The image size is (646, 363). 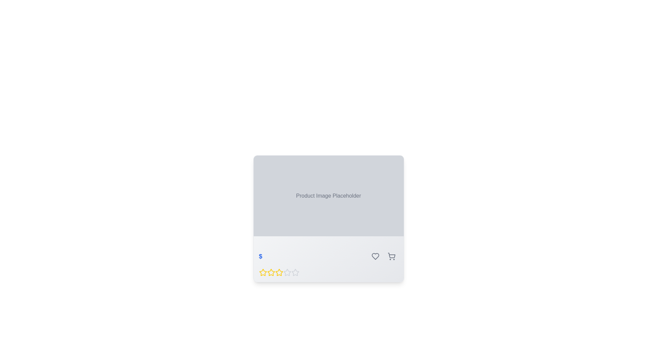 I want to click on the shopping cart icon located at the bottom-right section of the card component, so click(x=391, y=255).